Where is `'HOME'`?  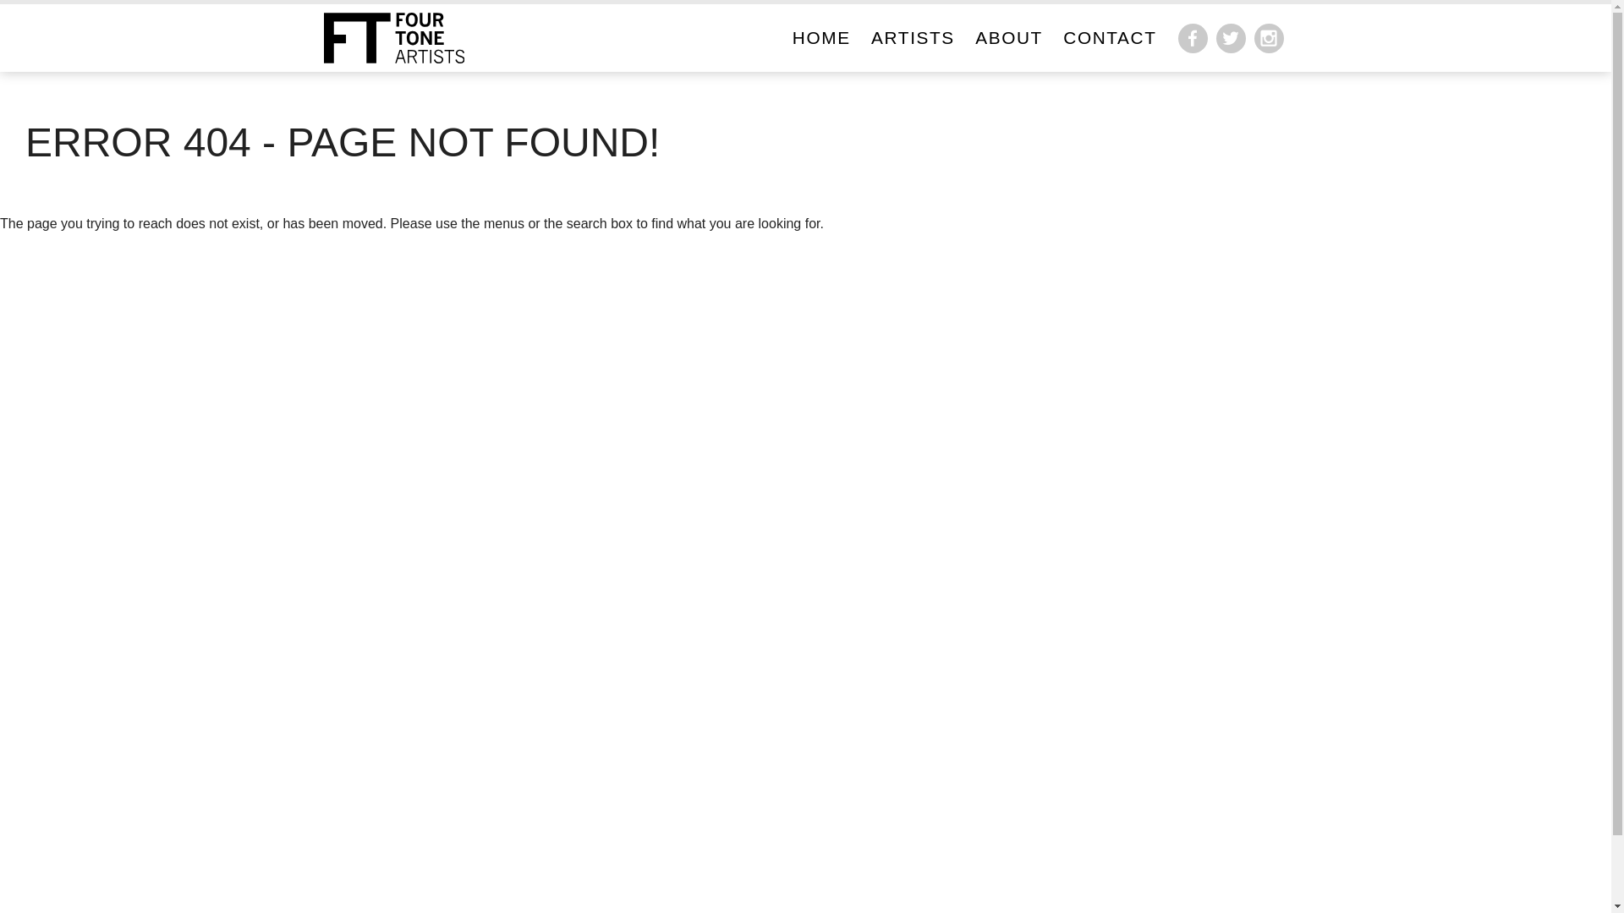
'HOME' is located at coordinates (821, 37).